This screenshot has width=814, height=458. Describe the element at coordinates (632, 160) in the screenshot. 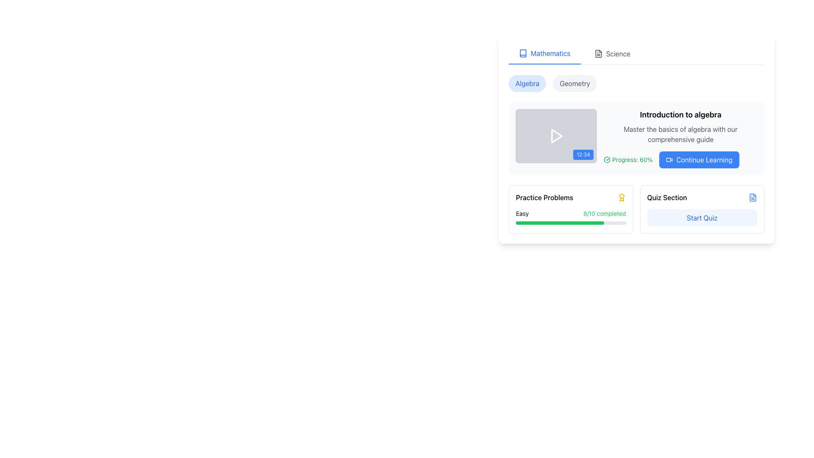

I see `the text label displaying 'Progress: 60%', which is styled in green and positioned in the 'Introduction to algebra' section, to the right of the green check circle icon` at that location.